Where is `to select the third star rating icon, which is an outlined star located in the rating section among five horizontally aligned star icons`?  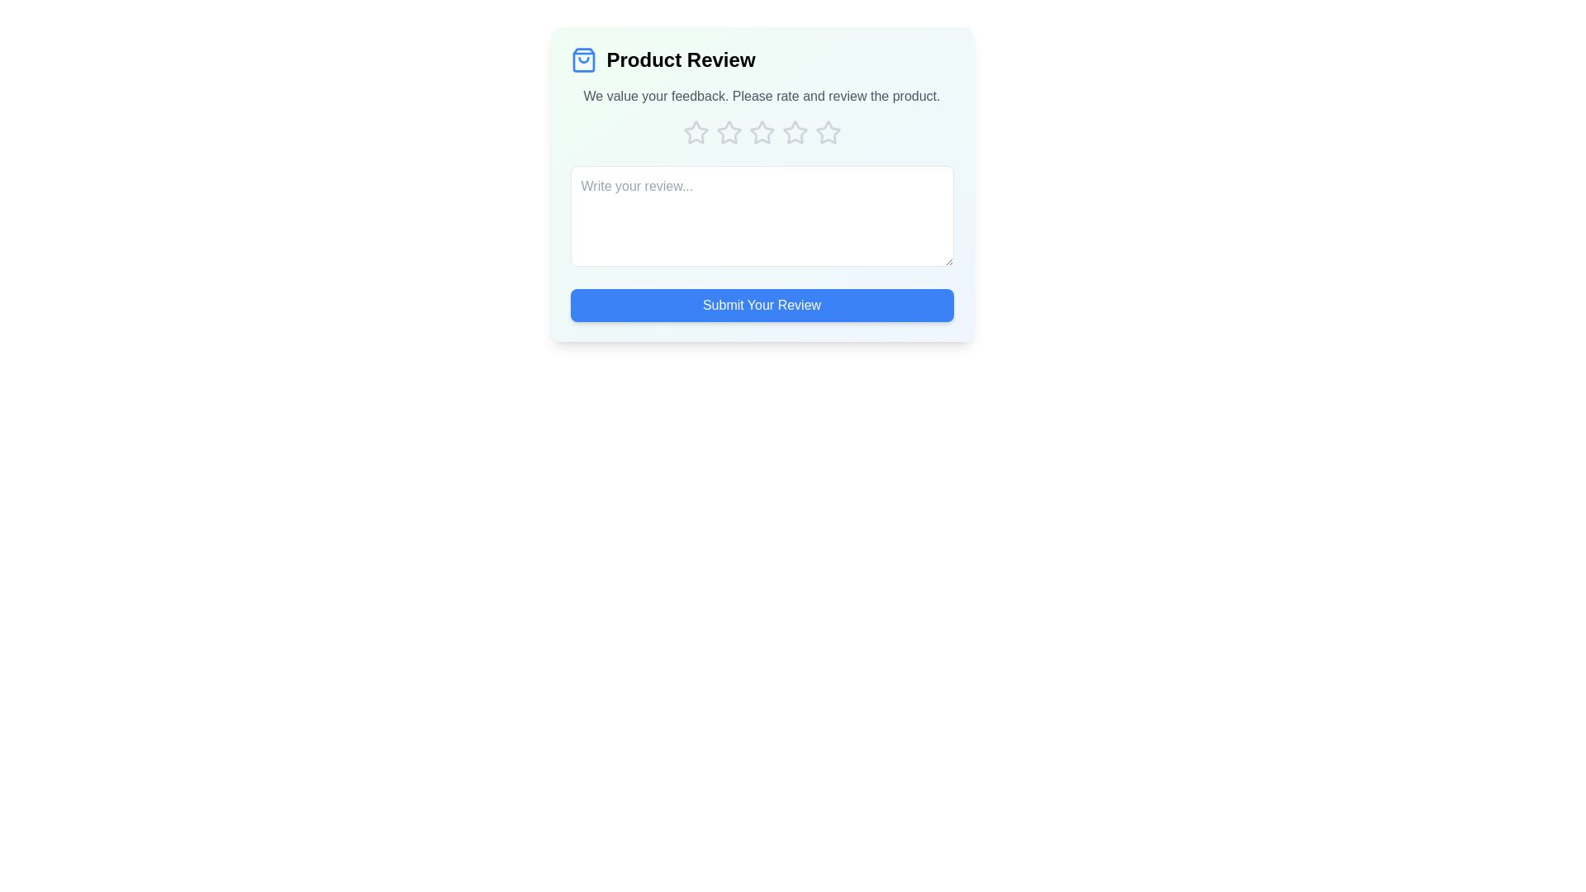 to select the third star rating icon, which is an outlined star located in the rating section among five horizontally aligned star icons is located at coordinates (760, 130).